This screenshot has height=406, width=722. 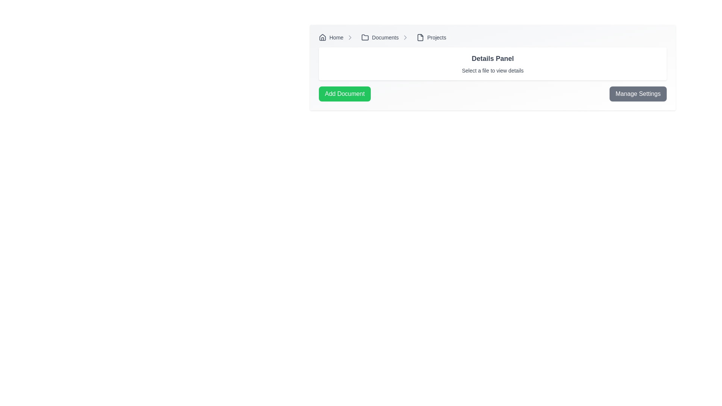 What do you see at coordinates (365, 38) in the screenshot?
I see `the folder icon in the breadcrumb navigation that represents the 'Documents' section, which is located directly to the left of the 'Documents' text label` at bounding box center [365, 38].